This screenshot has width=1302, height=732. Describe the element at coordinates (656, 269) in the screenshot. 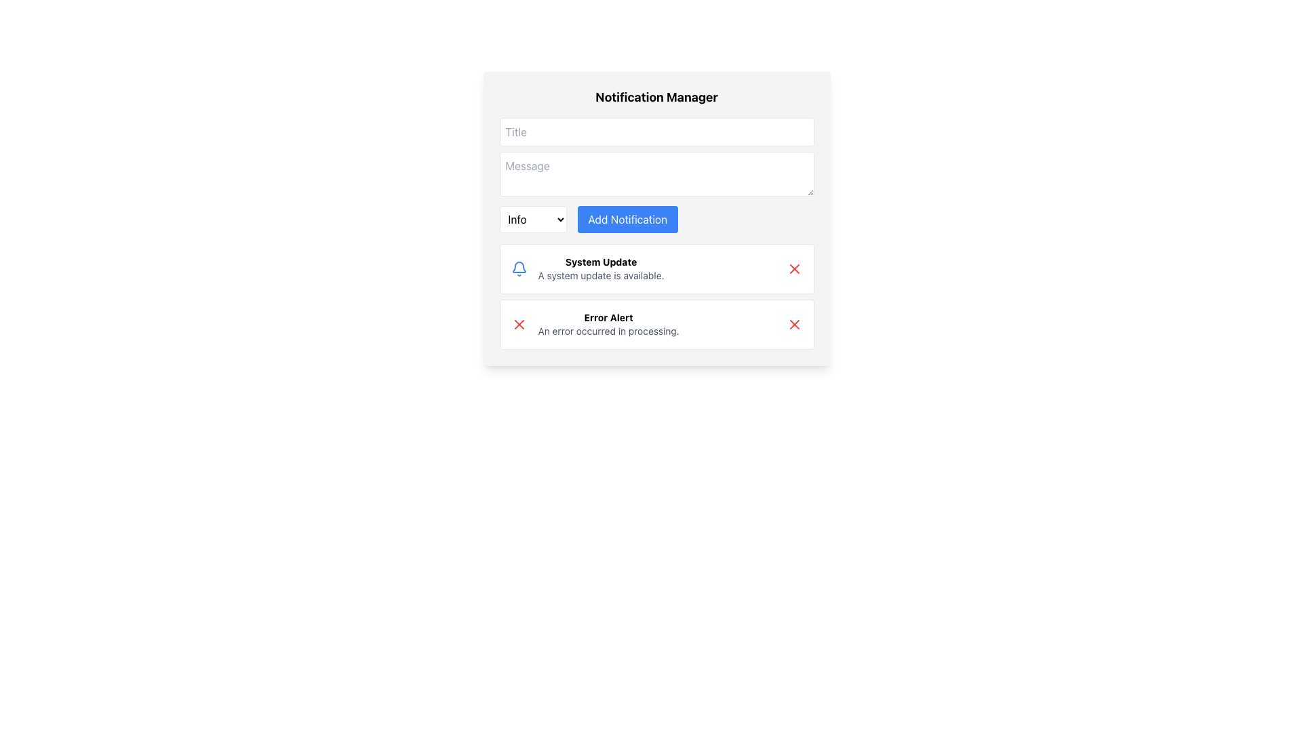

I see `the first notification item in the vertical list` at that location.